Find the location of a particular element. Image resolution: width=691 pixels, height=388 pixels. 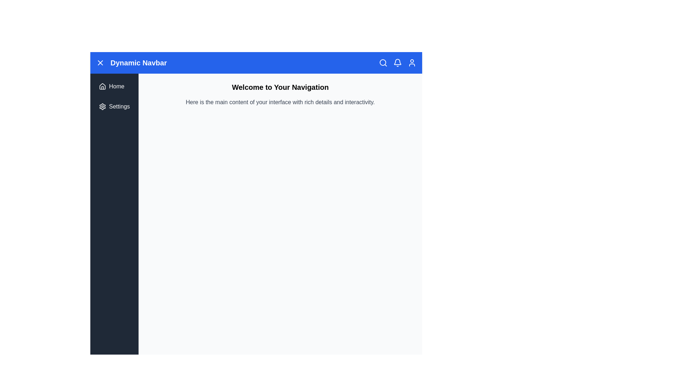

the search icon resembling a magnifying glass, which is outlined in white on a blue background, to interact with its hover effect is located at coordinates (383, 62).